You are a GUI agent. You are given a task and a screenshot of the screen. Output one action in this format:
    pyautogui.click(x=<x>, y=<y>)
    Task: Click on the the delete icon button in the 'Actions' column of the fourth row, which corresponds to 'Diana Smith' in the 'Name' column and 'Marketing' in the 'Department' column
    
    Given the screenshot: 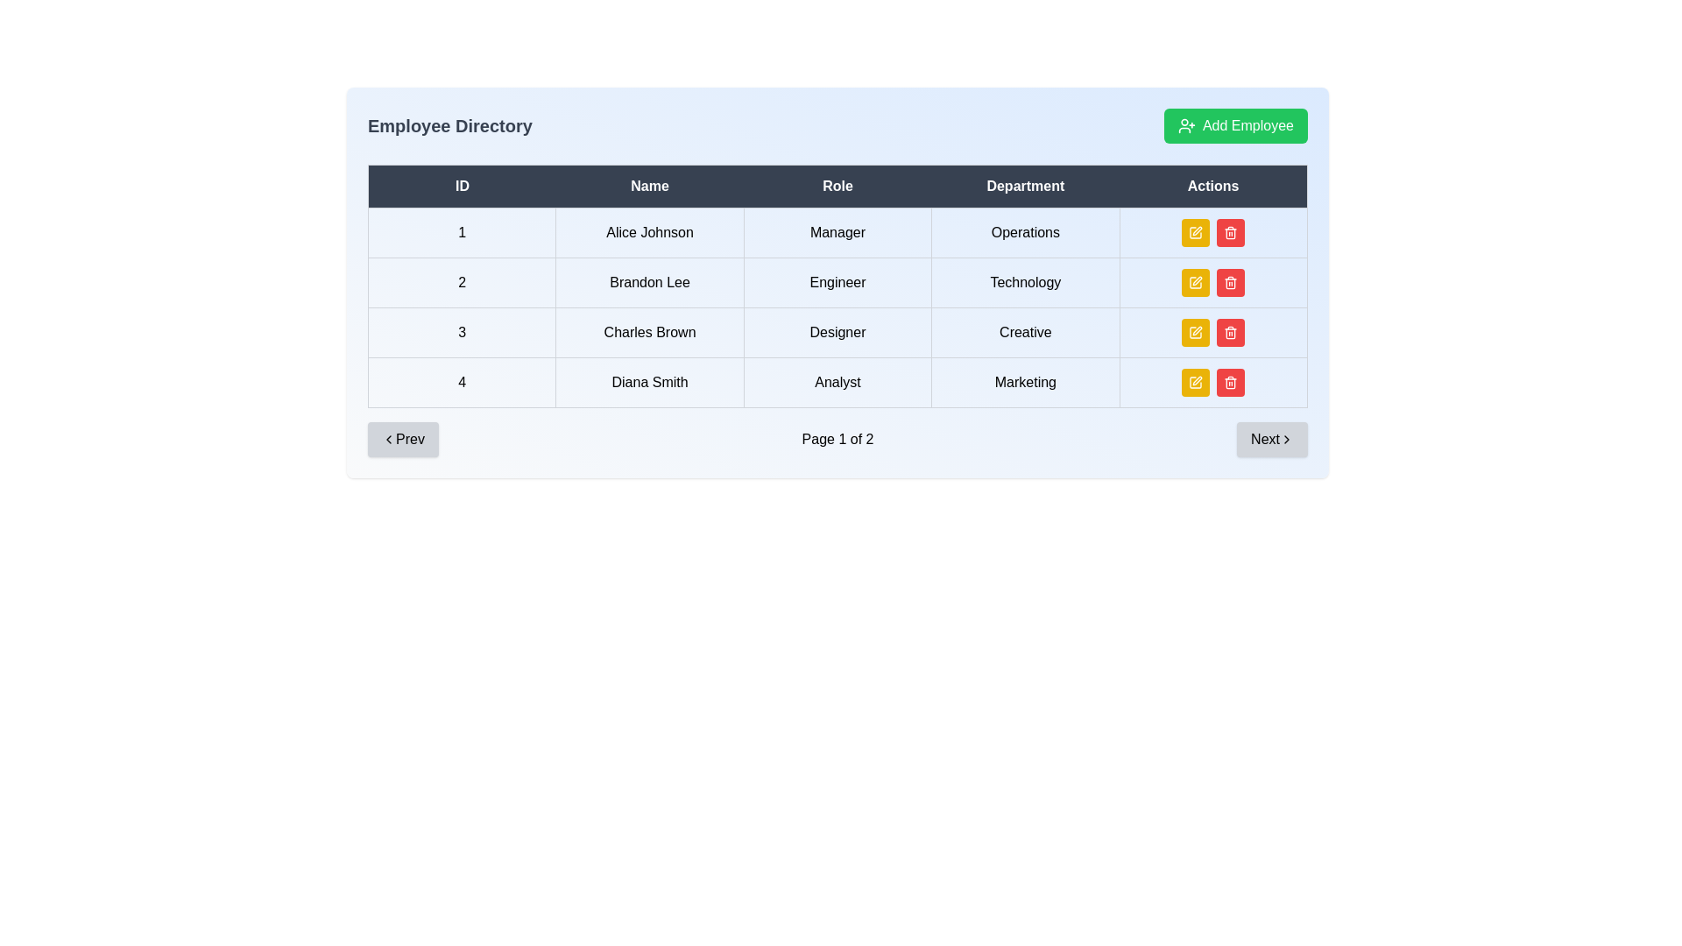 What is the action you would take?
    pyautogui.click(x=1230, y=232)
    